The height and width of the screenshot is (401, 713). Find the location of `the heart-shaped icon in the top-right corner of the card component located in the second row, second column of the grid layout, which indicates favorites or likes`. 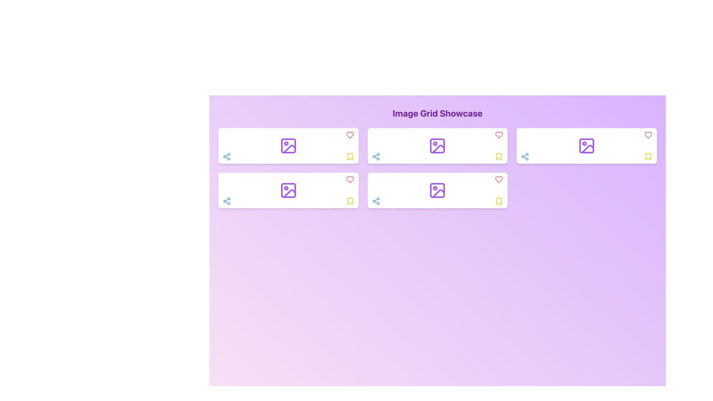

the heart-shaped icon in the top-right corner of the card component located in the second row, second column of the grid layout, which indicates favorites or likes is located at coordinates (648, 135).